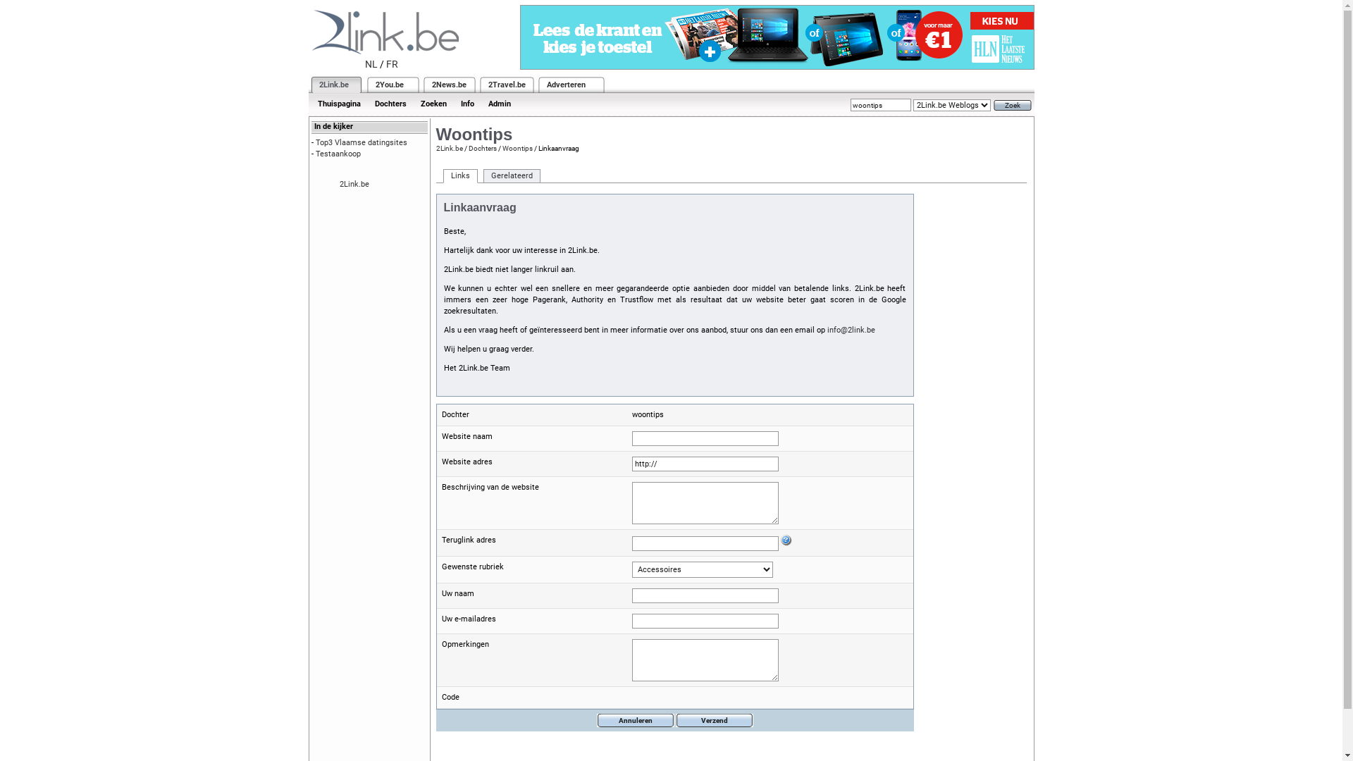 The image size is (1353, 761). Describe the element at coordinates (338, 103) in the screenshot. I see `'Thuispagina'` at that location.